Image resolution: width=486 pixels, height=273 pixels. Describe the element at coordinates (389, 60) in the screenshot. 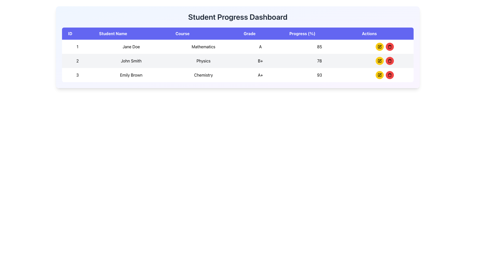

I see `the delete button in the 'Actions' column for the row corresponding to 'John Smith'` at that location.